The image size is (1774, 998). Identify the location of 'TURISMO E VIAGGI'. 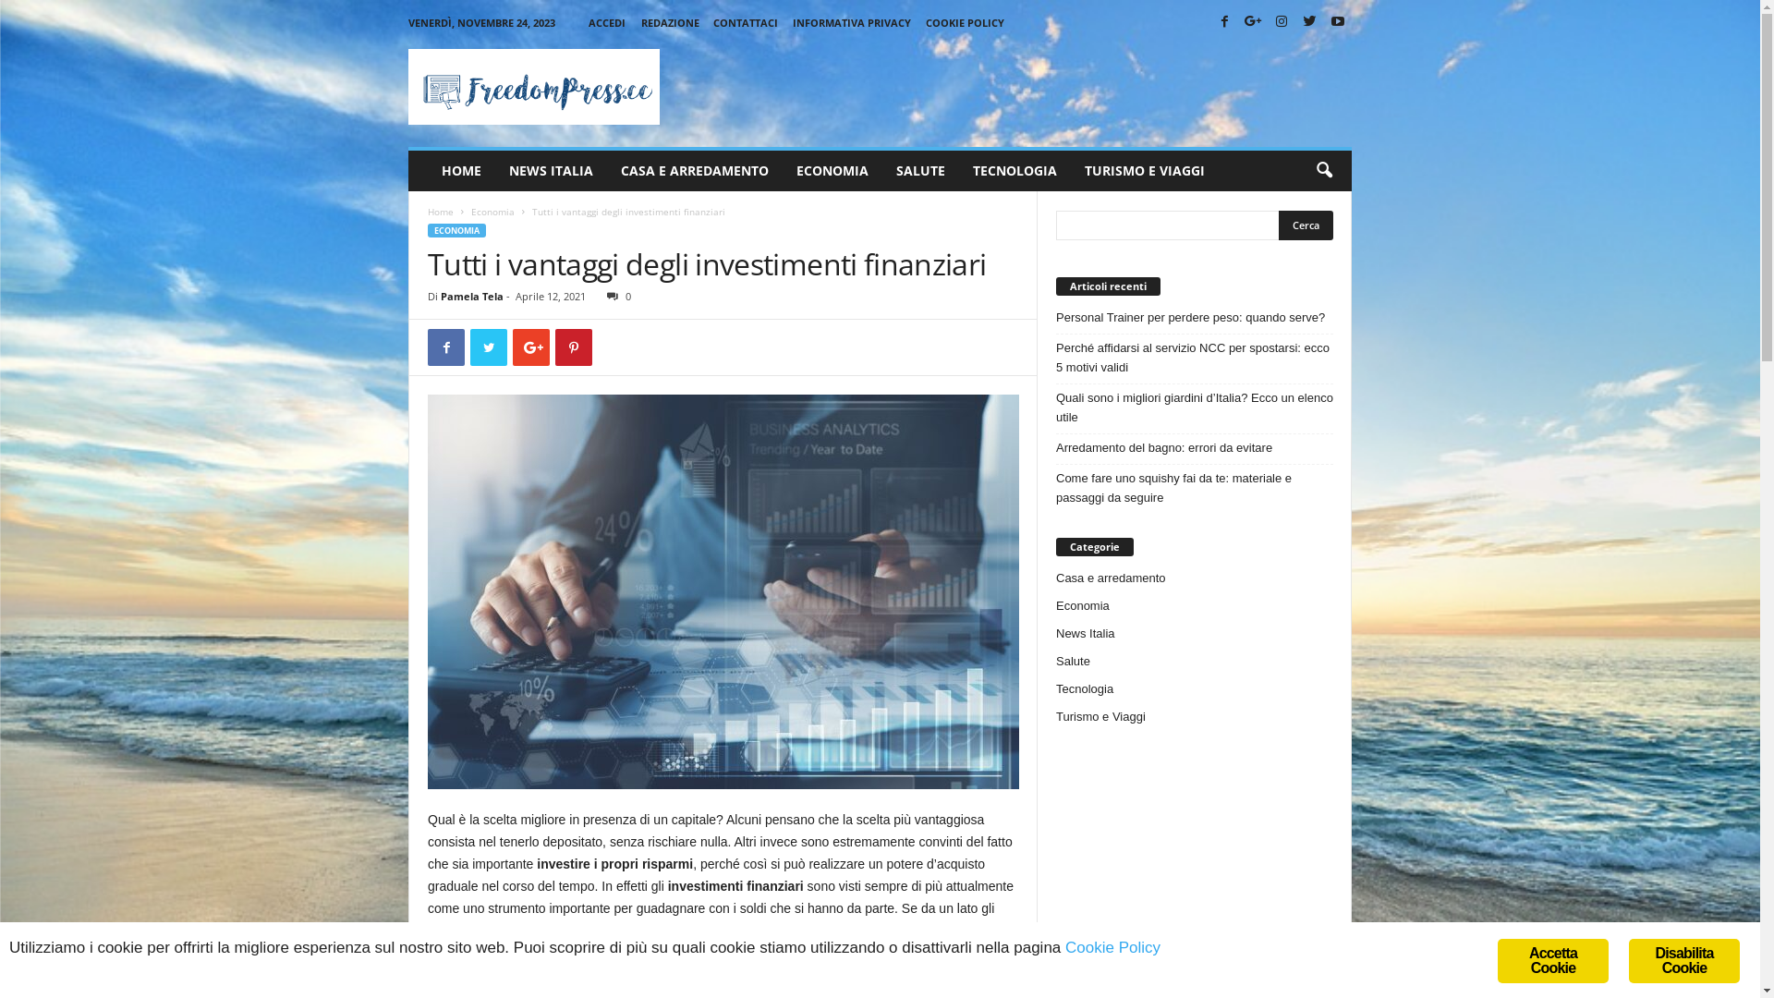
(1143, 171).